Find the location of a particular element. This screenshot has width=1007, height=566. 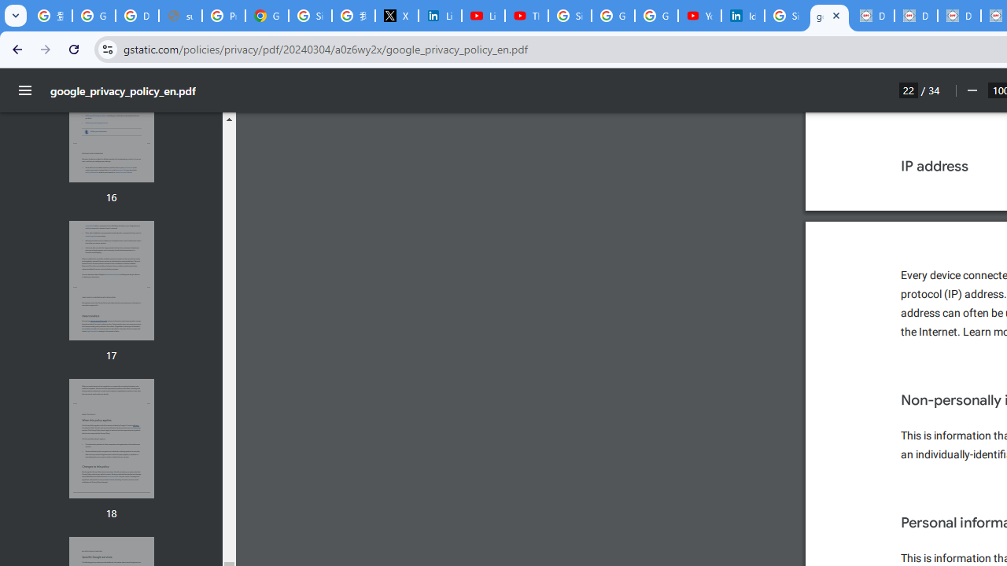

'Page number' is located at coordinates (909, 90).